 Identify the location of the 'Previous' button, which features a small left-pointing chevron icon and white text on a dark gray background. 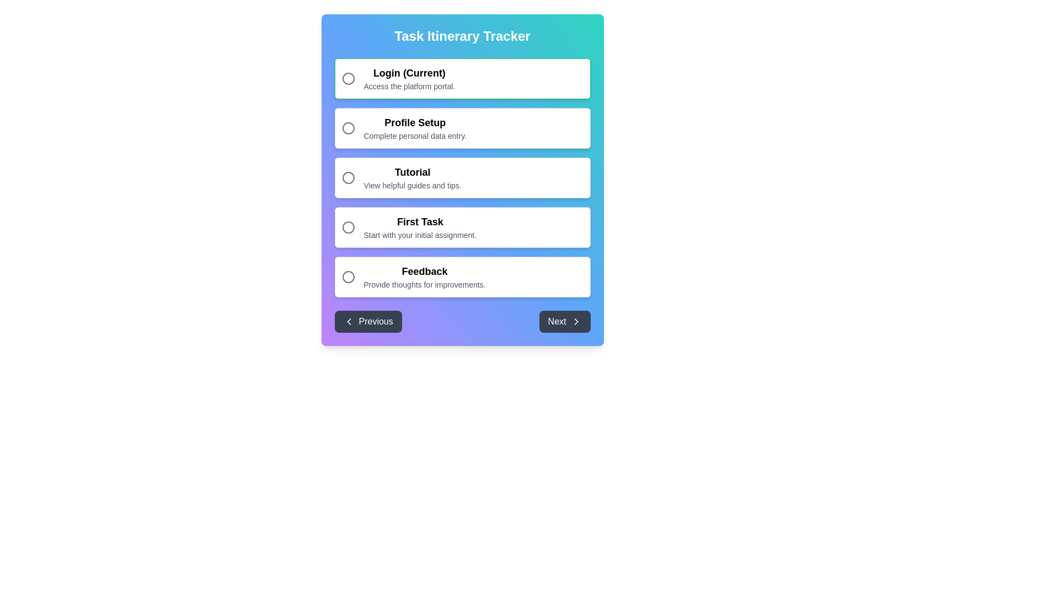
(348, 321).